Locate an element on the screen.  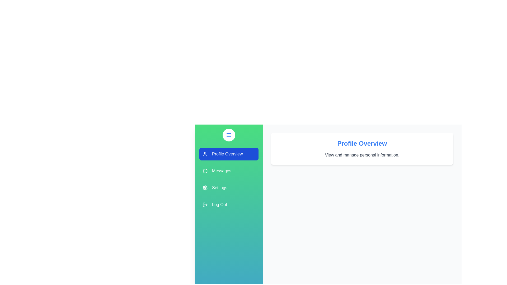
the section Messages by clicking on its corresponding area is located at coordinates (229, 171).